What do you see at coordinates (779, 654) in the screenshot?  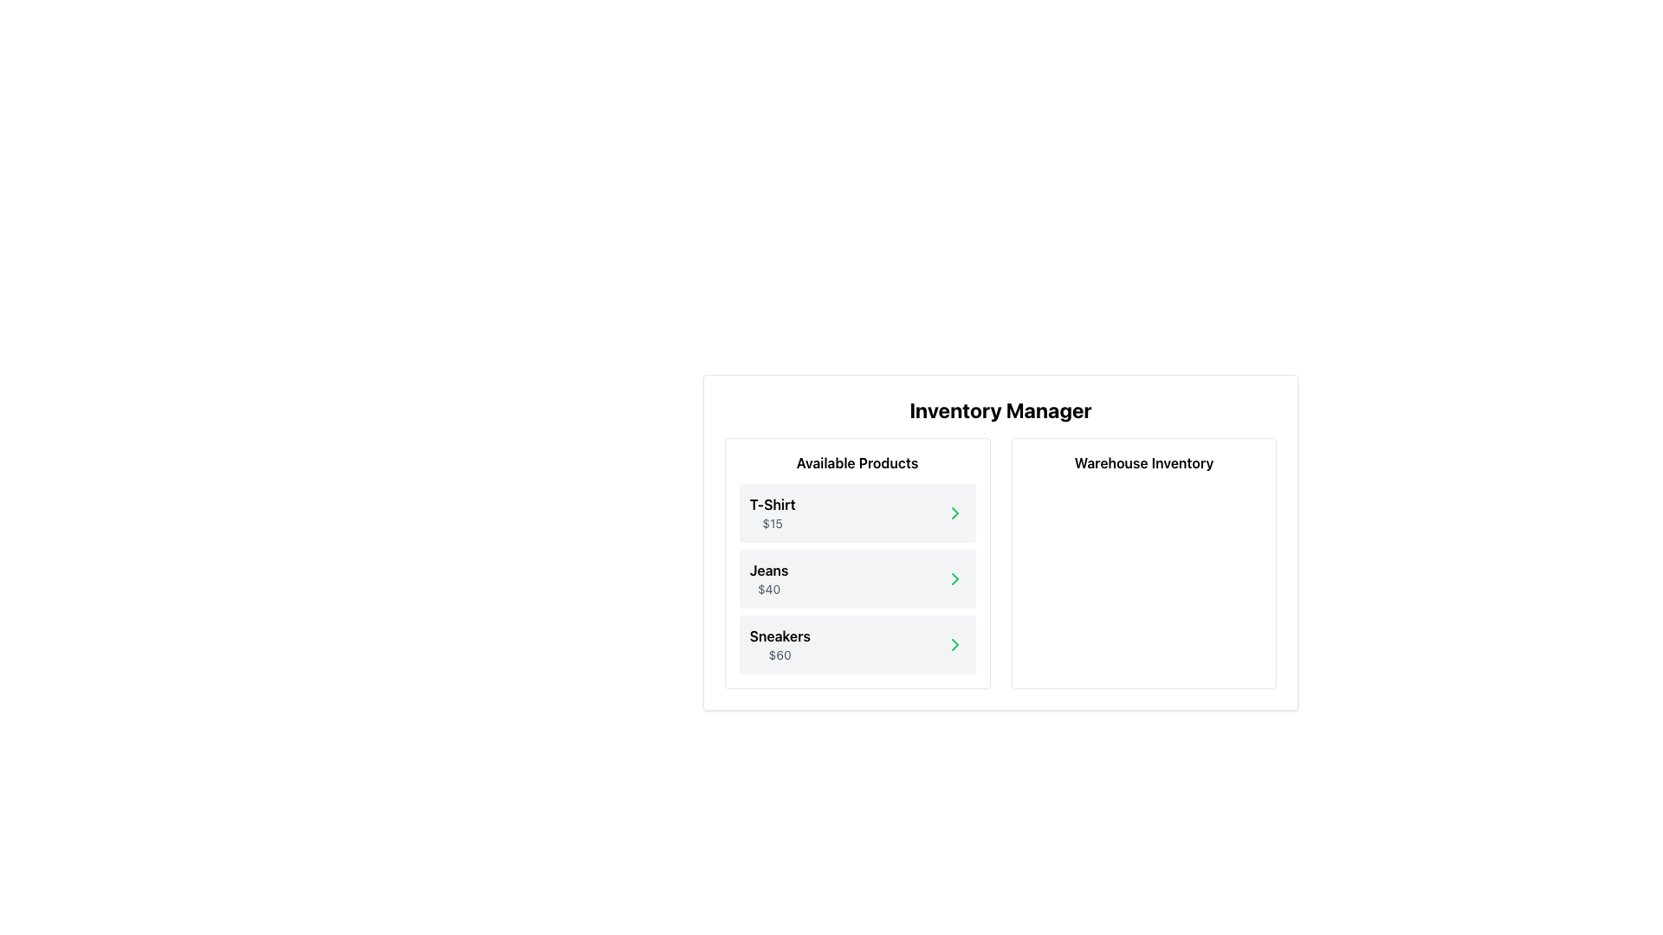 I see `text content displayed in the label showing '$60' located below the 'Sneakers' label in the third card of the 'Available Products' section` at bounding box center [779, 654].